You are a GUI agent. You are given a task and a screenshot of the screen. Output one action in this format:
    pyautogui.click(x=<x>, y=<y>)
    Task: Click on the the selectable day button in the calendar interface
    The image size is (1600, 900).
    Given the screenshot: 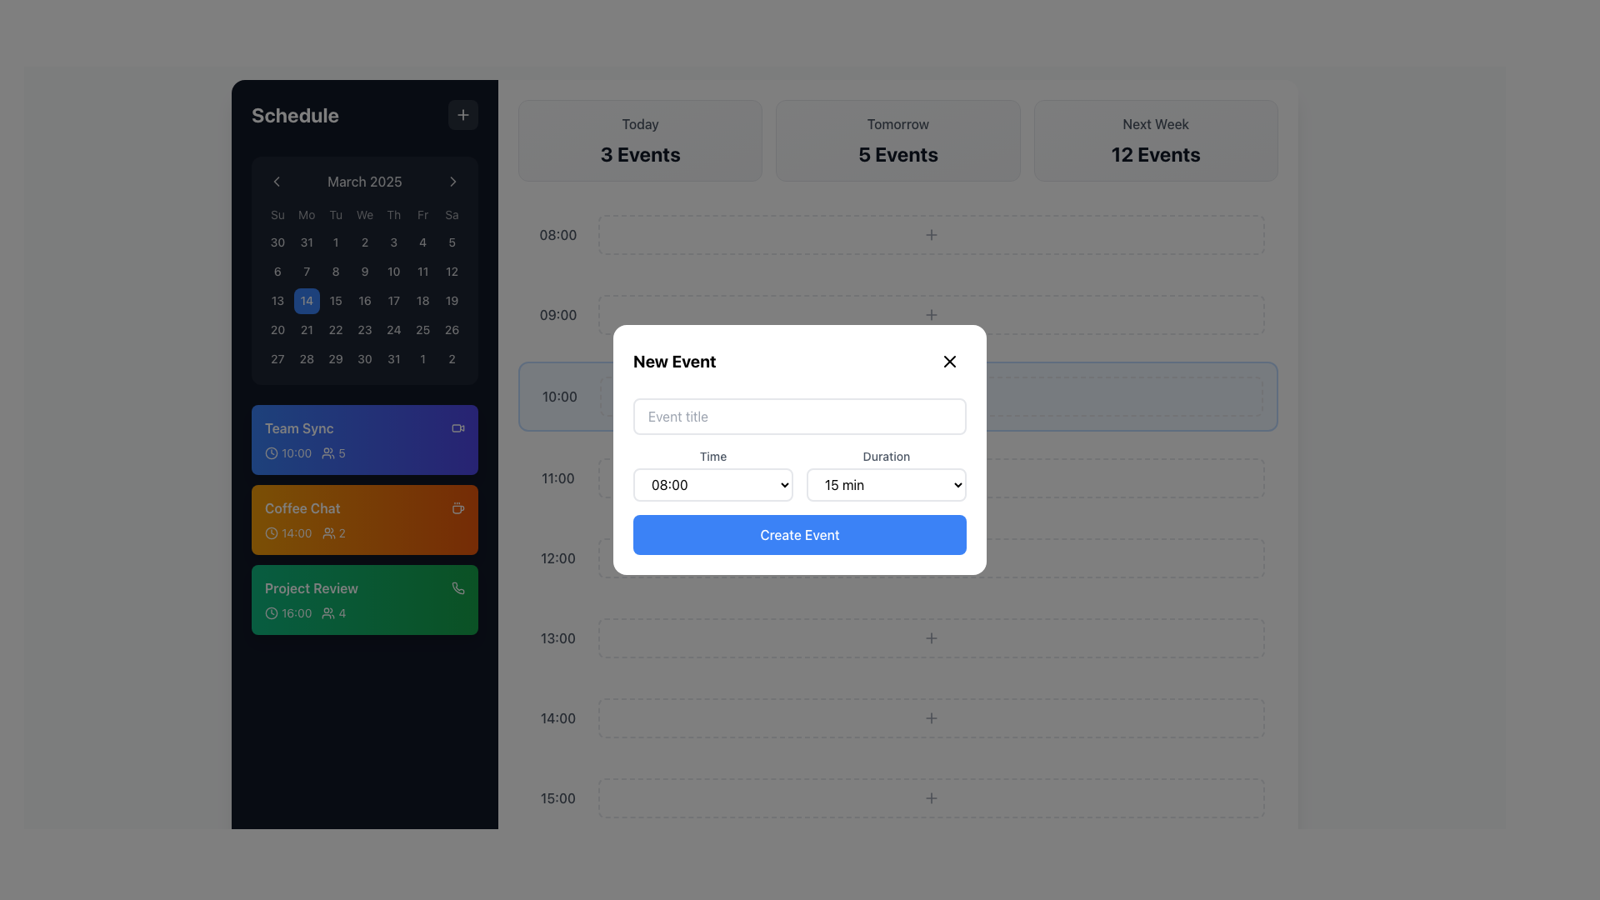 What is the action you would take?
    pyautogui.click(x=307, y=271)
    